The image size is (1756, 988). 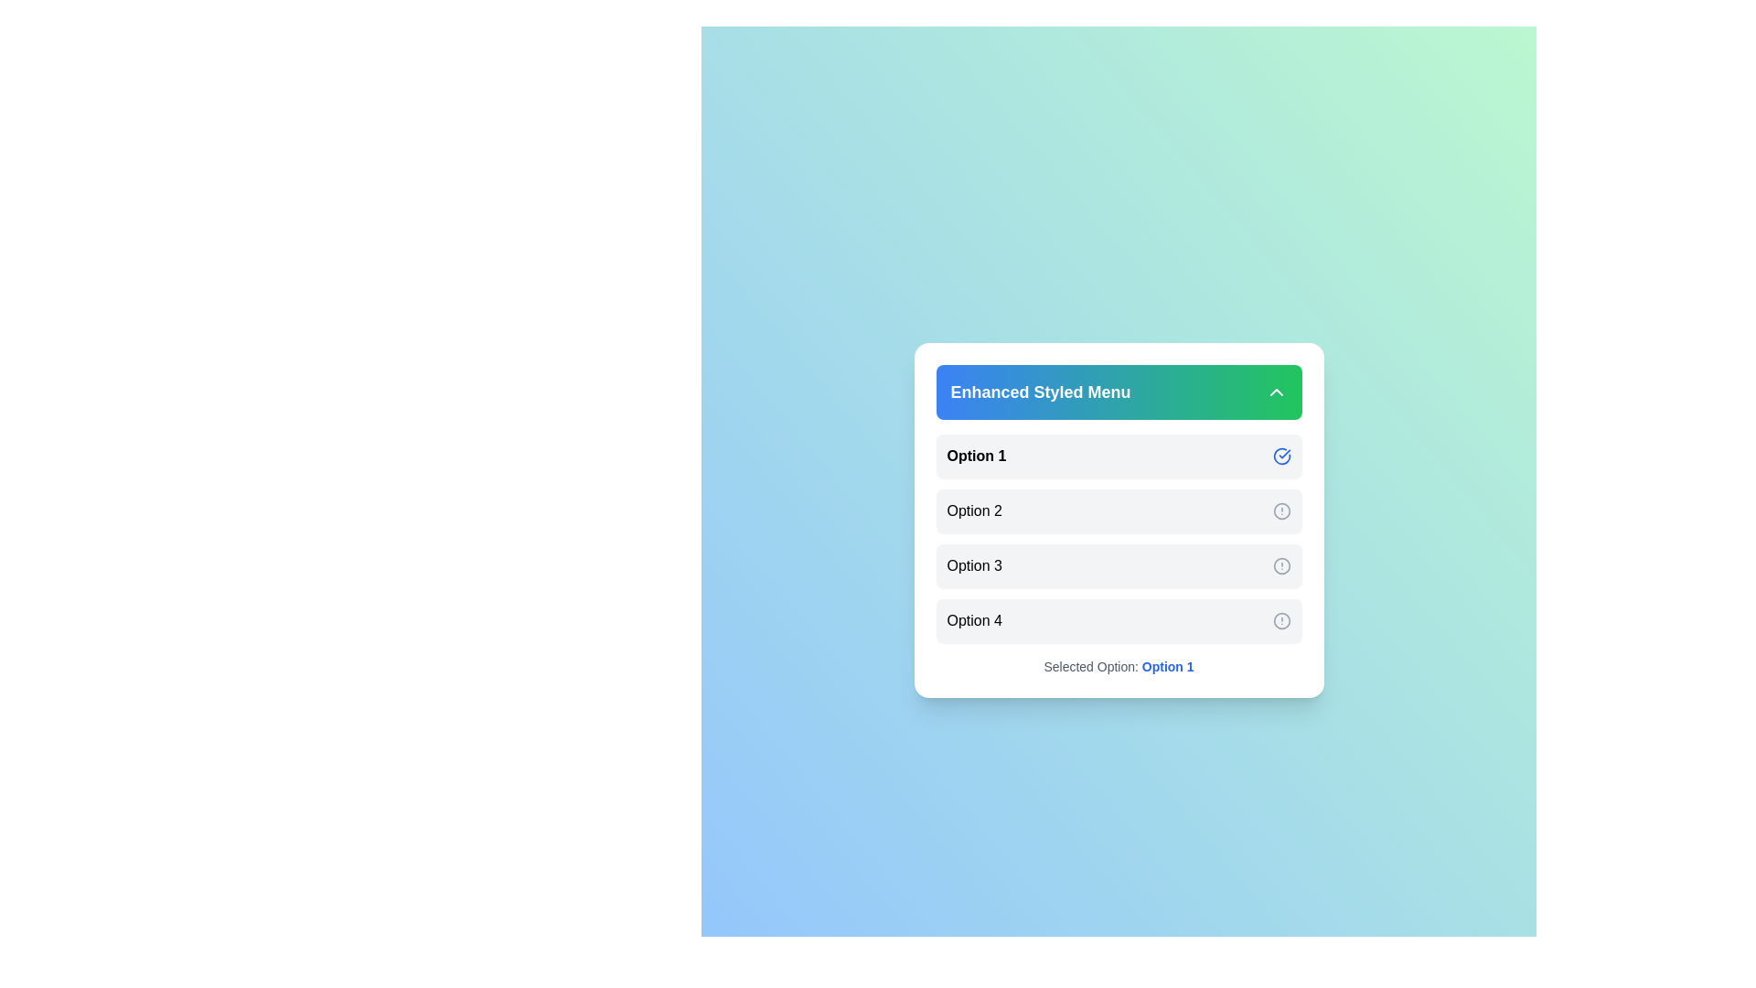 I want to click on the menu option Option 3 to observe its hover effect, so click(x=1118, y=564).